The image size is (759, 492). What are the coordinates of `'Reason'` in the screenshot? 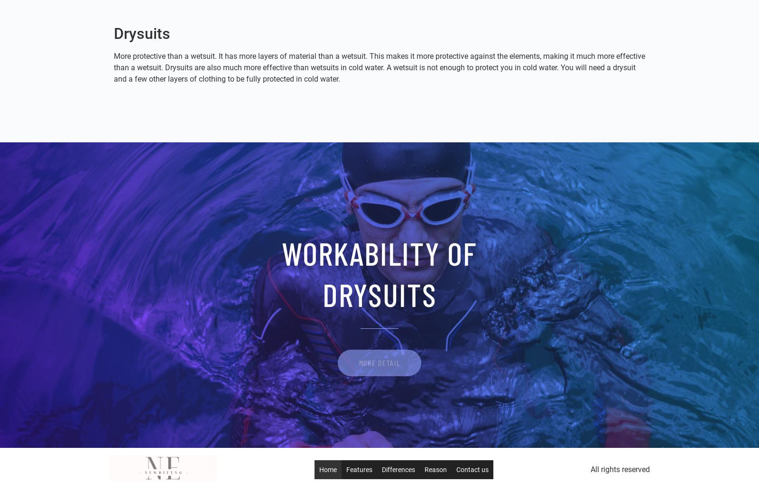 It's located at (435, 470).